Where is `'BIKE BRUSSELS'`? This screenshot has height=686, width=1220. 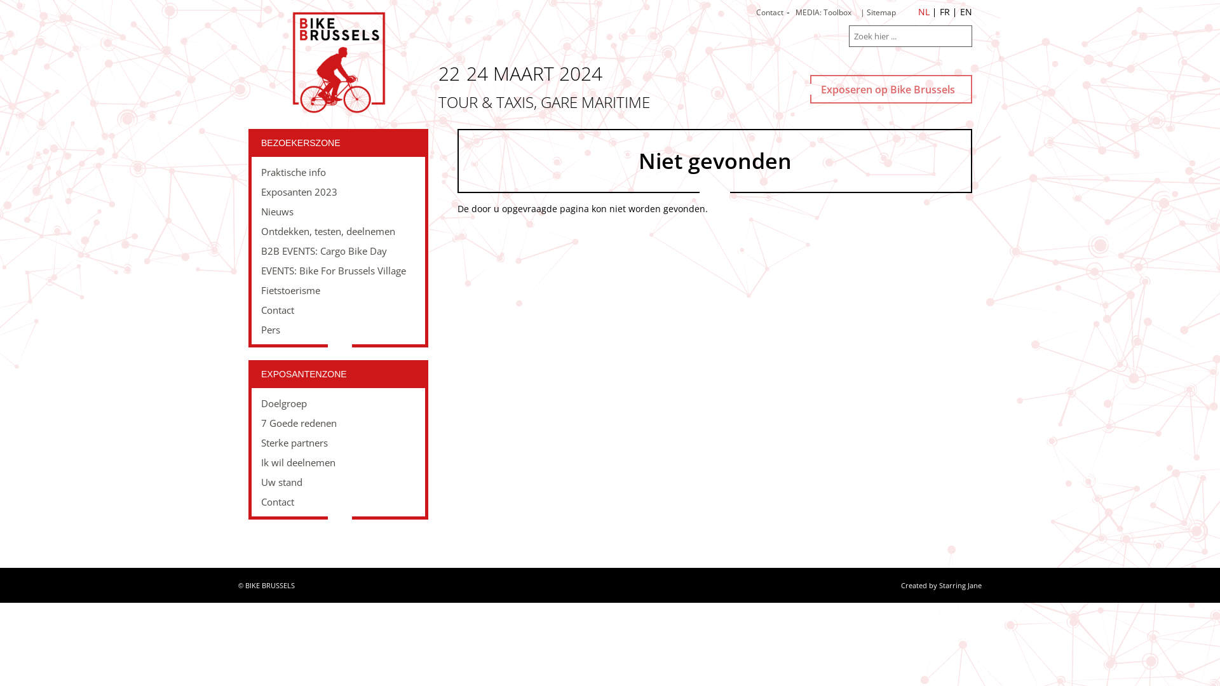
'BIKE BRUSSELS' is located at coordinates (269, 585).